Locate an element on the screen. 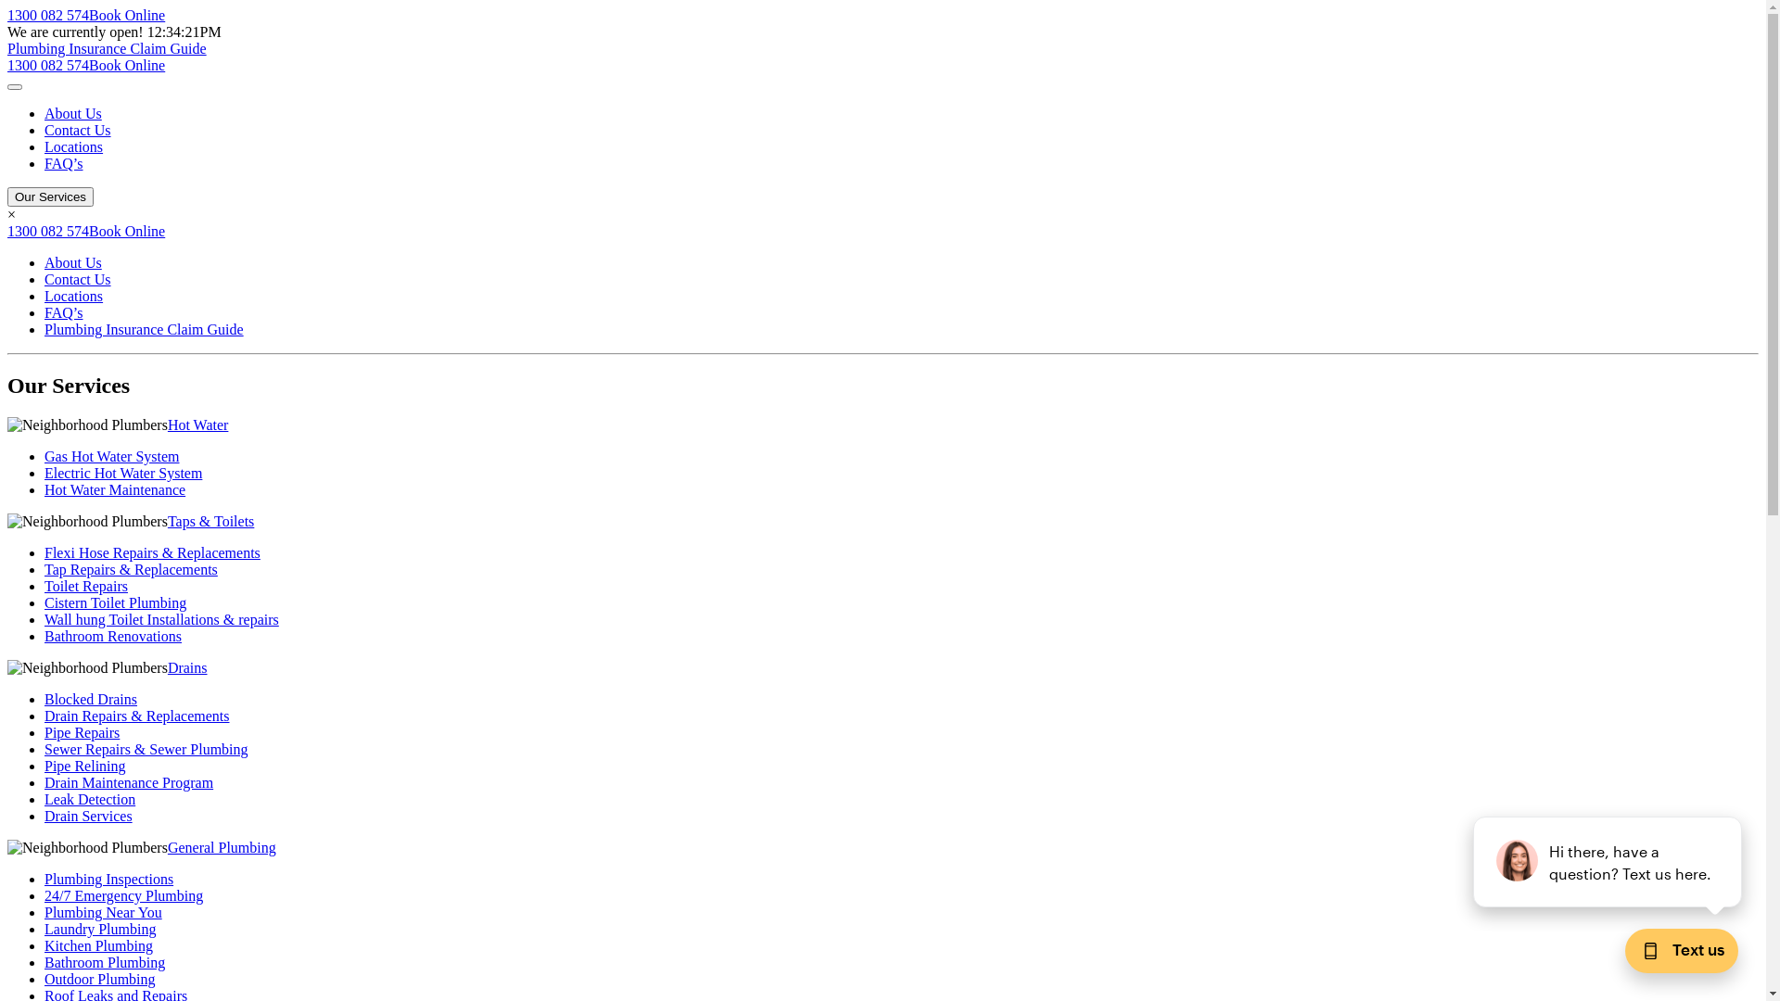 This screenshot has height=1001, width=1780. '24/7 Emergency Plumbing' is located at coordinates (122, 894).